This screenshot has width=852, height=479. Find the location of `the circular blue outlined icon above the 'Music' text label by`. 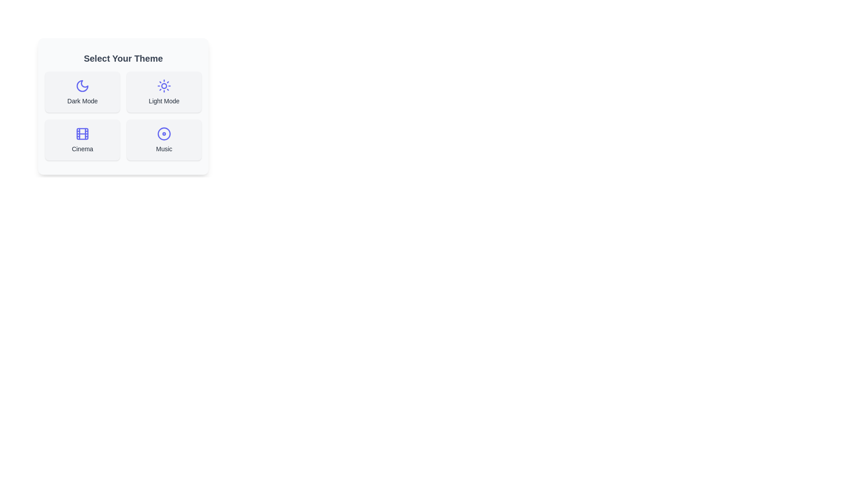

the circular blue outlined icon above the 'Music' text label by is located at coordinates (164, 133).